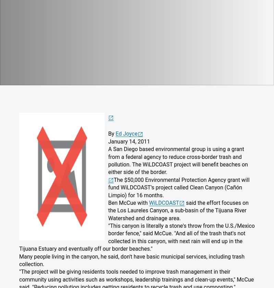 This screenshot has height=288, width=274. I want to click on '"This canyon is literally a stone's throw from the U.S./Mexico border fence," said McCue. "And all of the trash that's not collected in this canyon, with next rain will end up in the Tijuana Estuary and eventually off our border beaches."', so click(136, 237).